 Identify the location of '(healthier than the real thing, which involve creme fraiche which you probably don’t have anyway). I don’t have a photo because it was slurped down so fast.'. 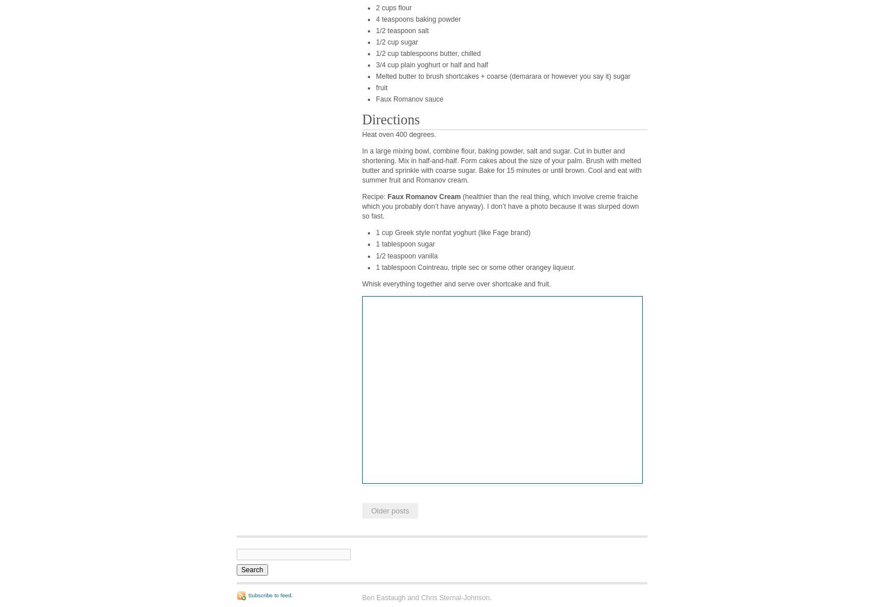
(500, 206).